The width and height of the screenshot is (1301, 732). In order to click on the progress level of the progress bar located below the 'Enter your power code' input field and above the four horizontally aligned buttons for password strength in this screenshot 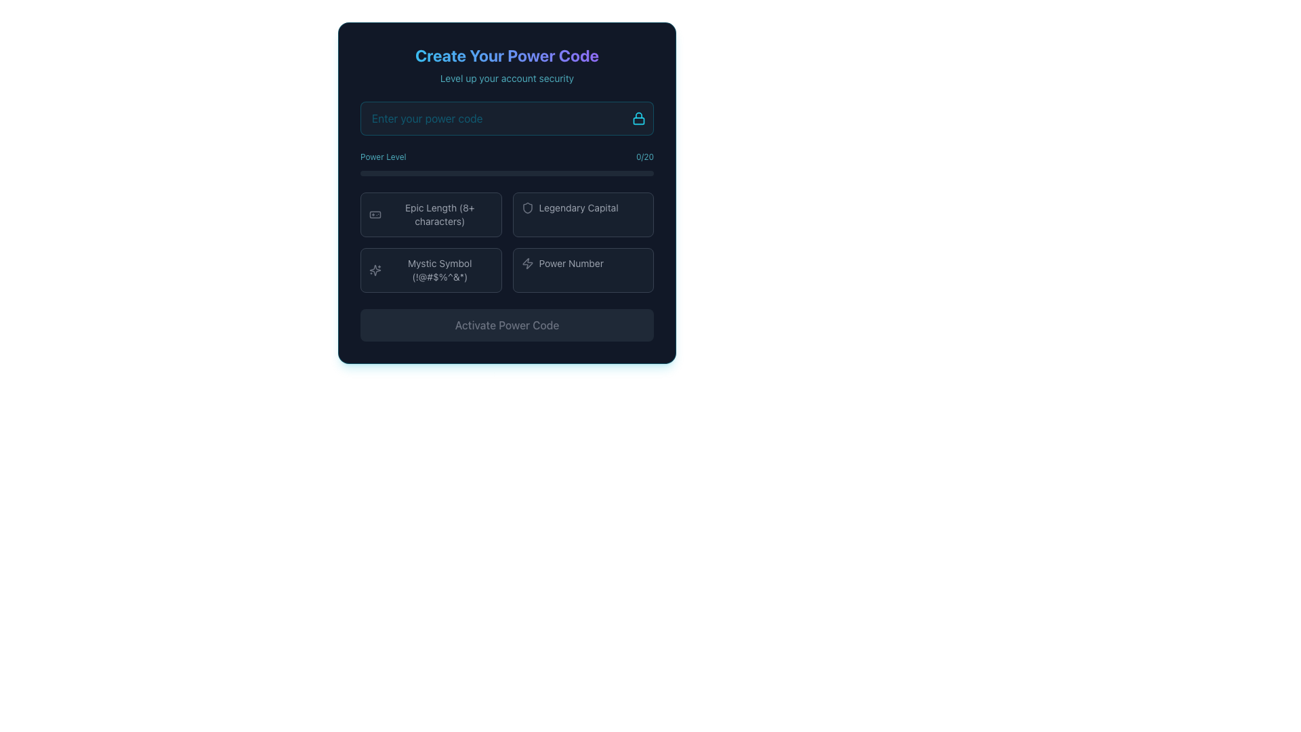, I will do `click(506, 163)`.